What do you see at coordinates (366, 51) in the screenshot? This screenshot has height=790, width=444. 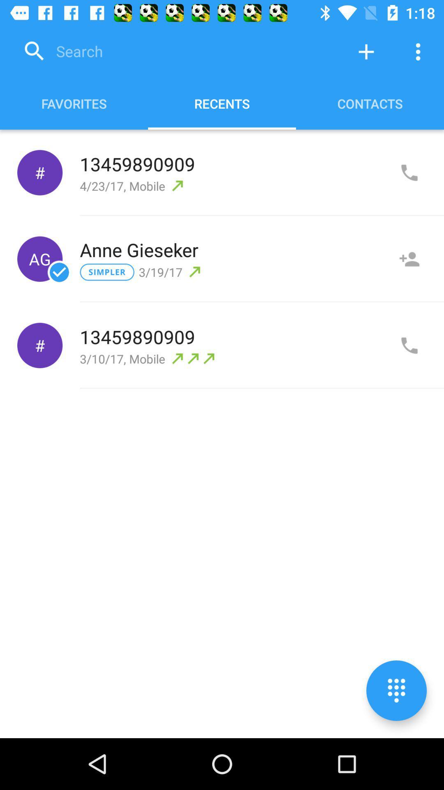 I see `new contact` at bounding box center [366, 51].